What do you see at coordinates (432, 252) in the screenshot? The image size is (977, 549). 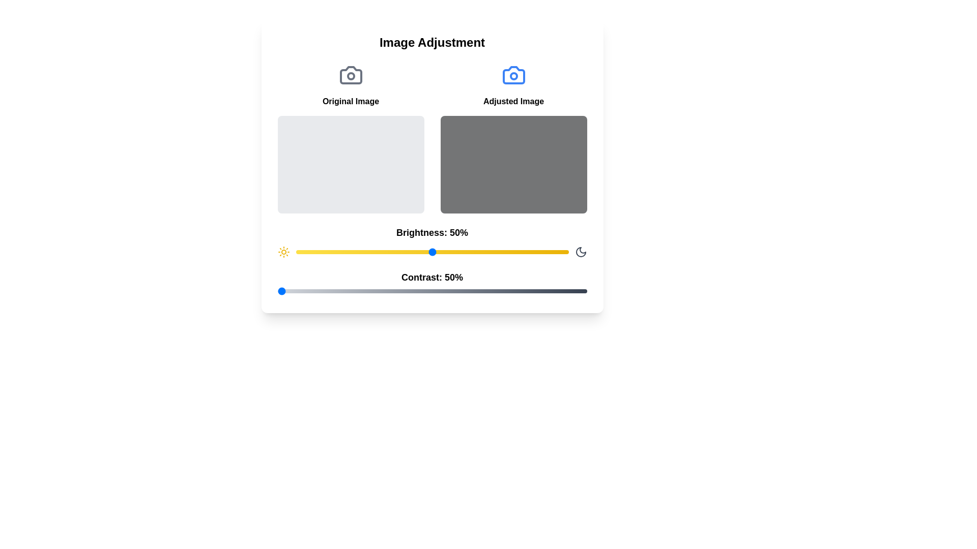 I see `the slider value` at bounding box center [432, 252].